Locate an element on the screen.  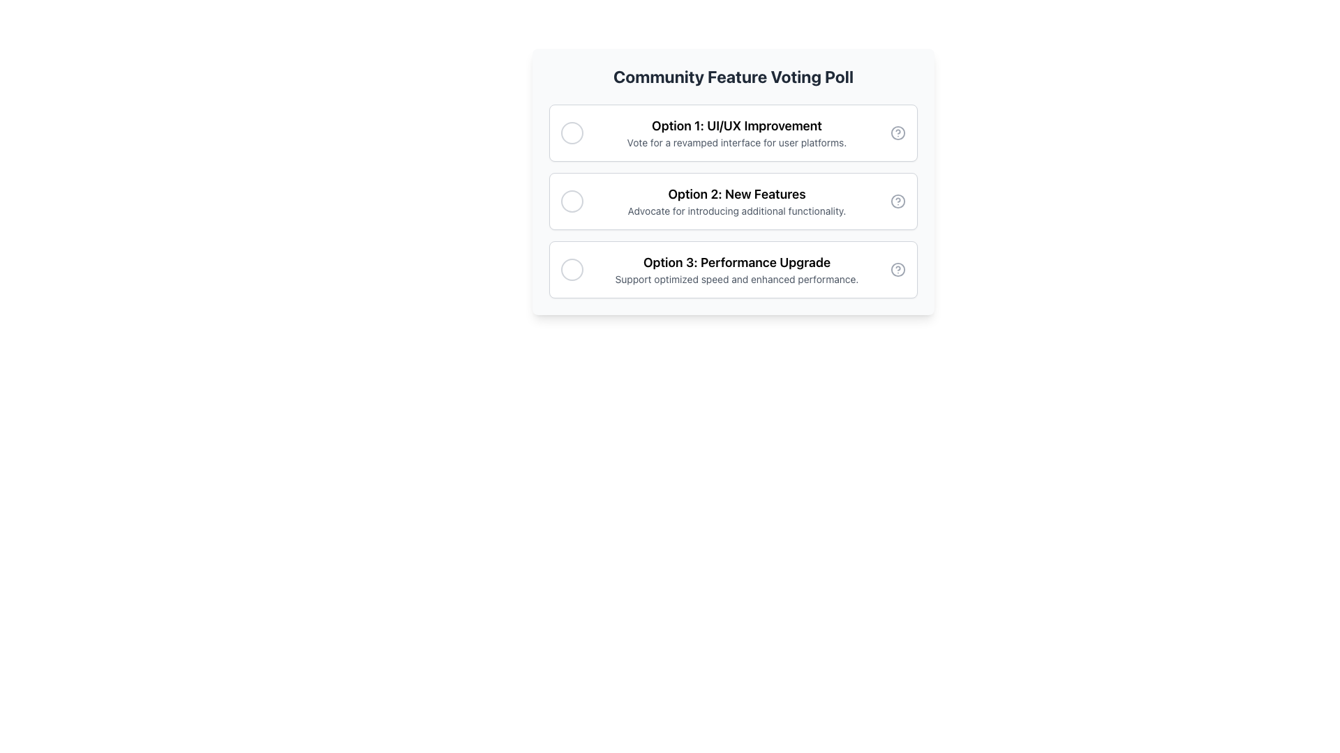
information from the text label located beneath the header 'Option 2: New Features' in the second option block of a three-option list is located at coordinates (736, 211).